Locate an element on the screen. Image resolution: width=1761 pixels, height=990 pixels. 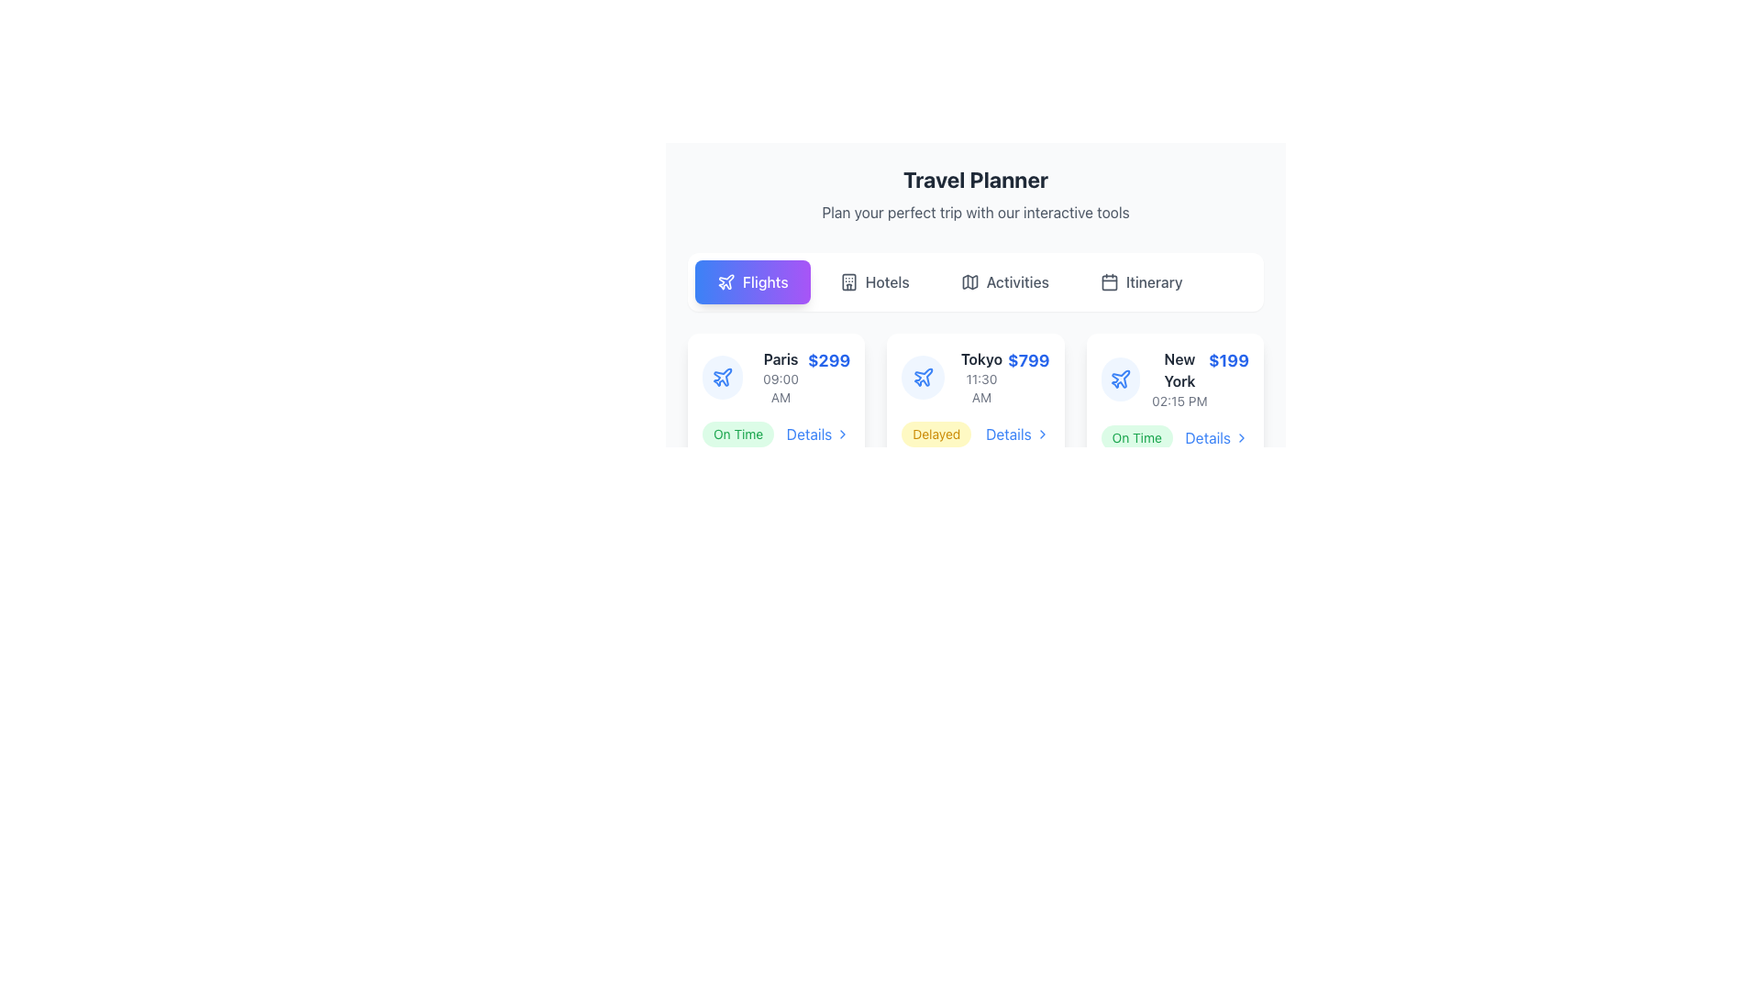
the small blue airplane icon in the 'Flights' section of the travel planning interface is located at coordinates (1119, 378).